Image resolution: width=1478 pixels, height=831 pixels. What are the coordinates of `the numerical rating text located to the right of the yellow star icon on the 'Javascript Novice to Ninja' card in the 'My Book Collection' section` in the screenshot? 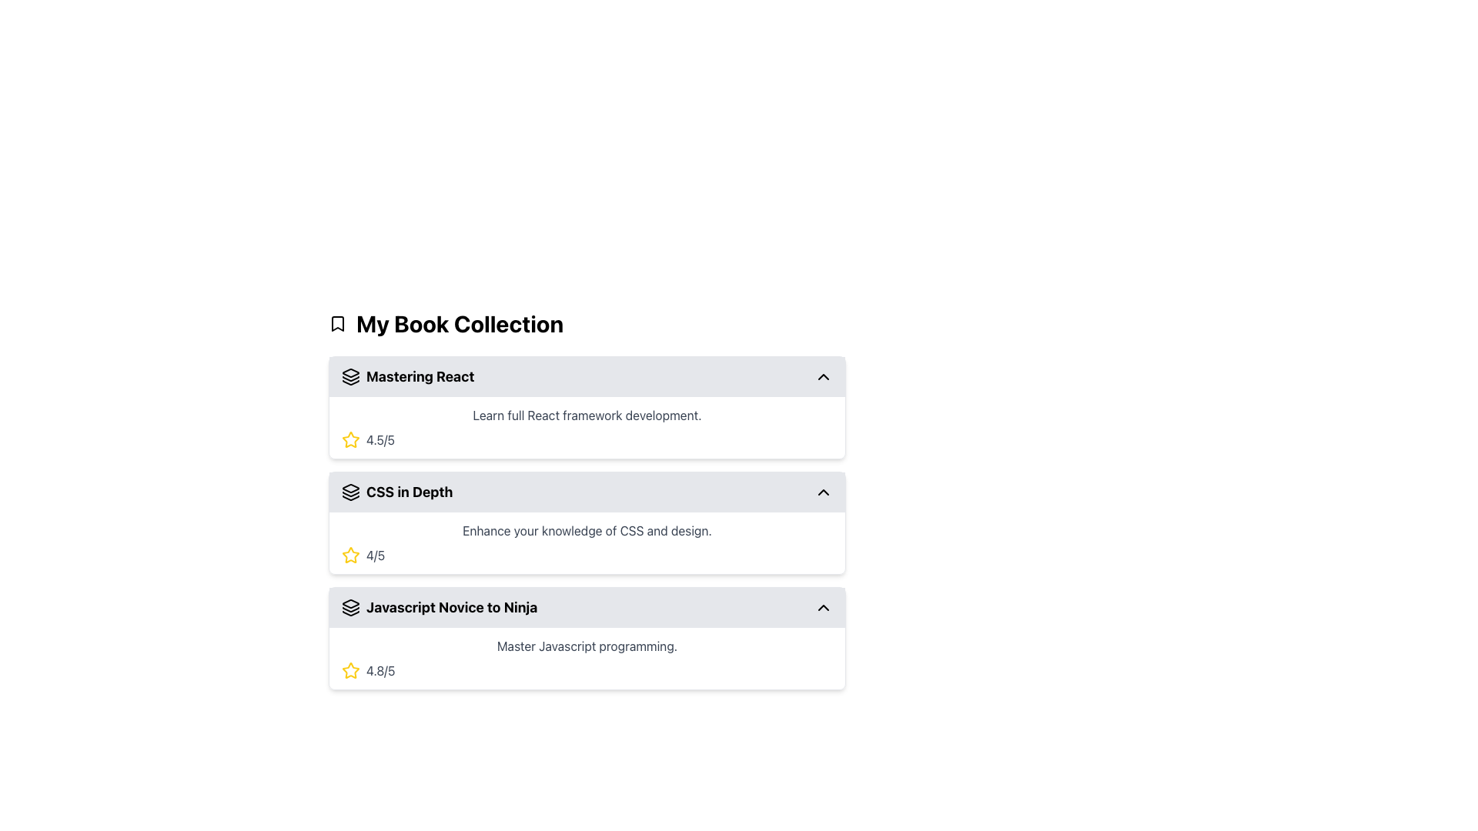 It's located at (380, 669).